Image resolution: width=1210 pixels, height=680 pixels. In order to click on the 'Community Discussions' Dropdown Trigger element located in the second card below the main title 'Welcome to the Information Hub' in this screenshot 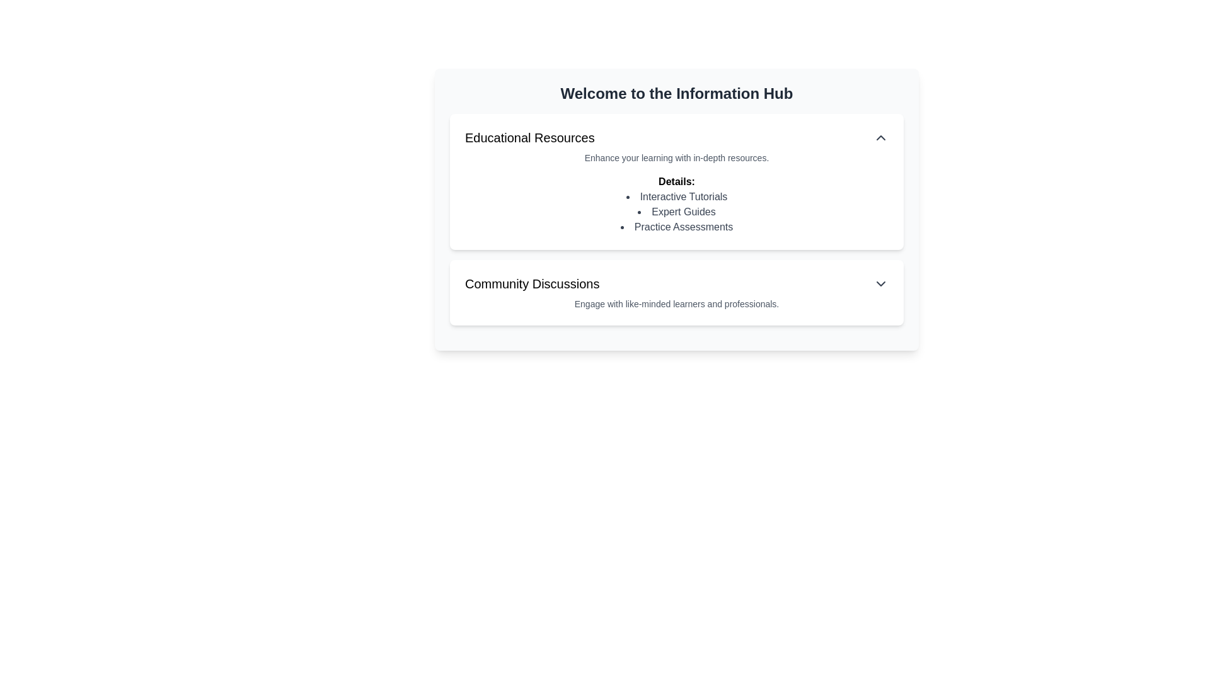, I will do `click(676, 284)`.